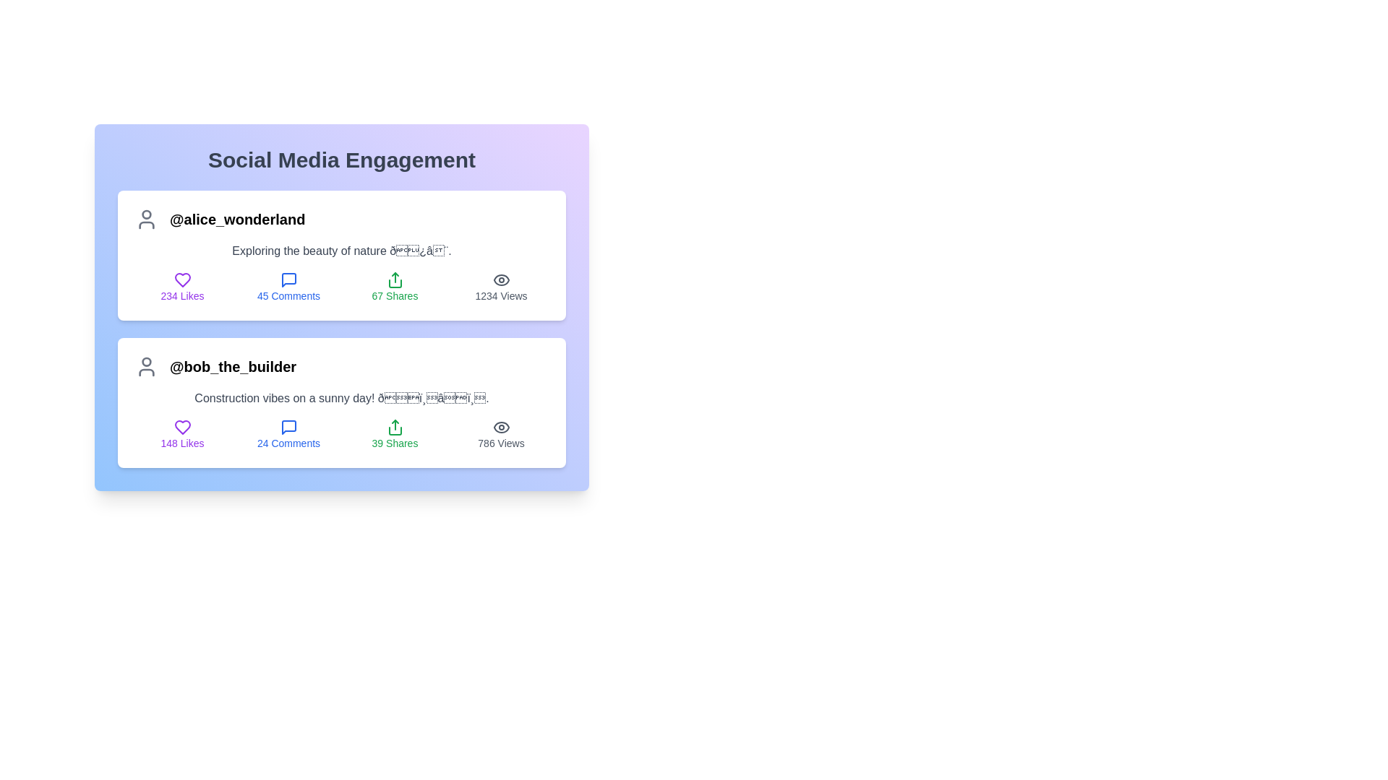 This screenshot has height=780, width=1388. What do you see at coordinates (501, 295) in the screenshot?
I see `the '1234 Views' label, which is styled in gray and located at the bottom of the first content card` at bounding box center [501, 295].